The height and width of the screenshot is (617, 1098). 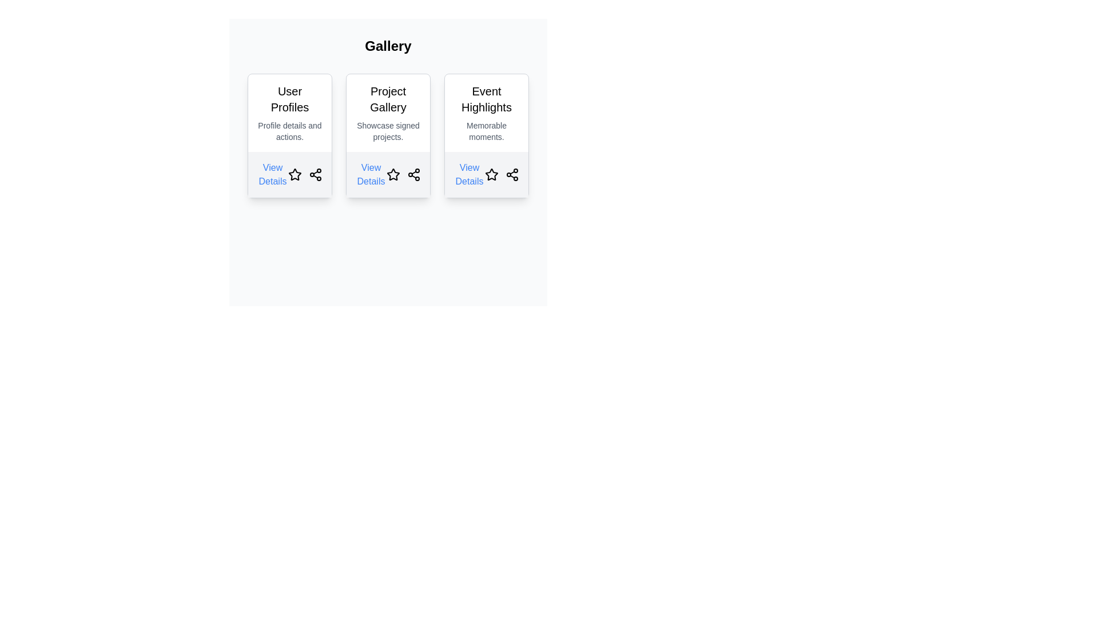 What do you see at coordinates (502, 174) in the screenshot?
I see `the star icon located in the bottom right corner of the 'Event Highlights' card, just below the 'View Details' text` at bounding box center [502, 174].